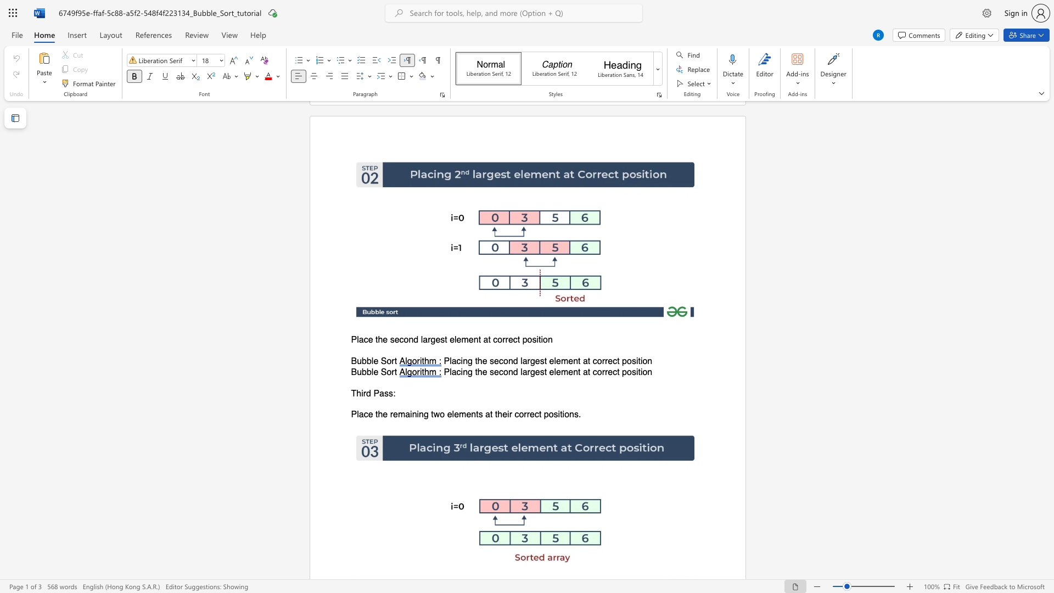 This screenshot has height=593, width=1054. Describe the element at coordinates (569, 415) in the screenshot. I see `the subset text "ns" within the text "Place the remaining two elements at their correct positions."` at that location.